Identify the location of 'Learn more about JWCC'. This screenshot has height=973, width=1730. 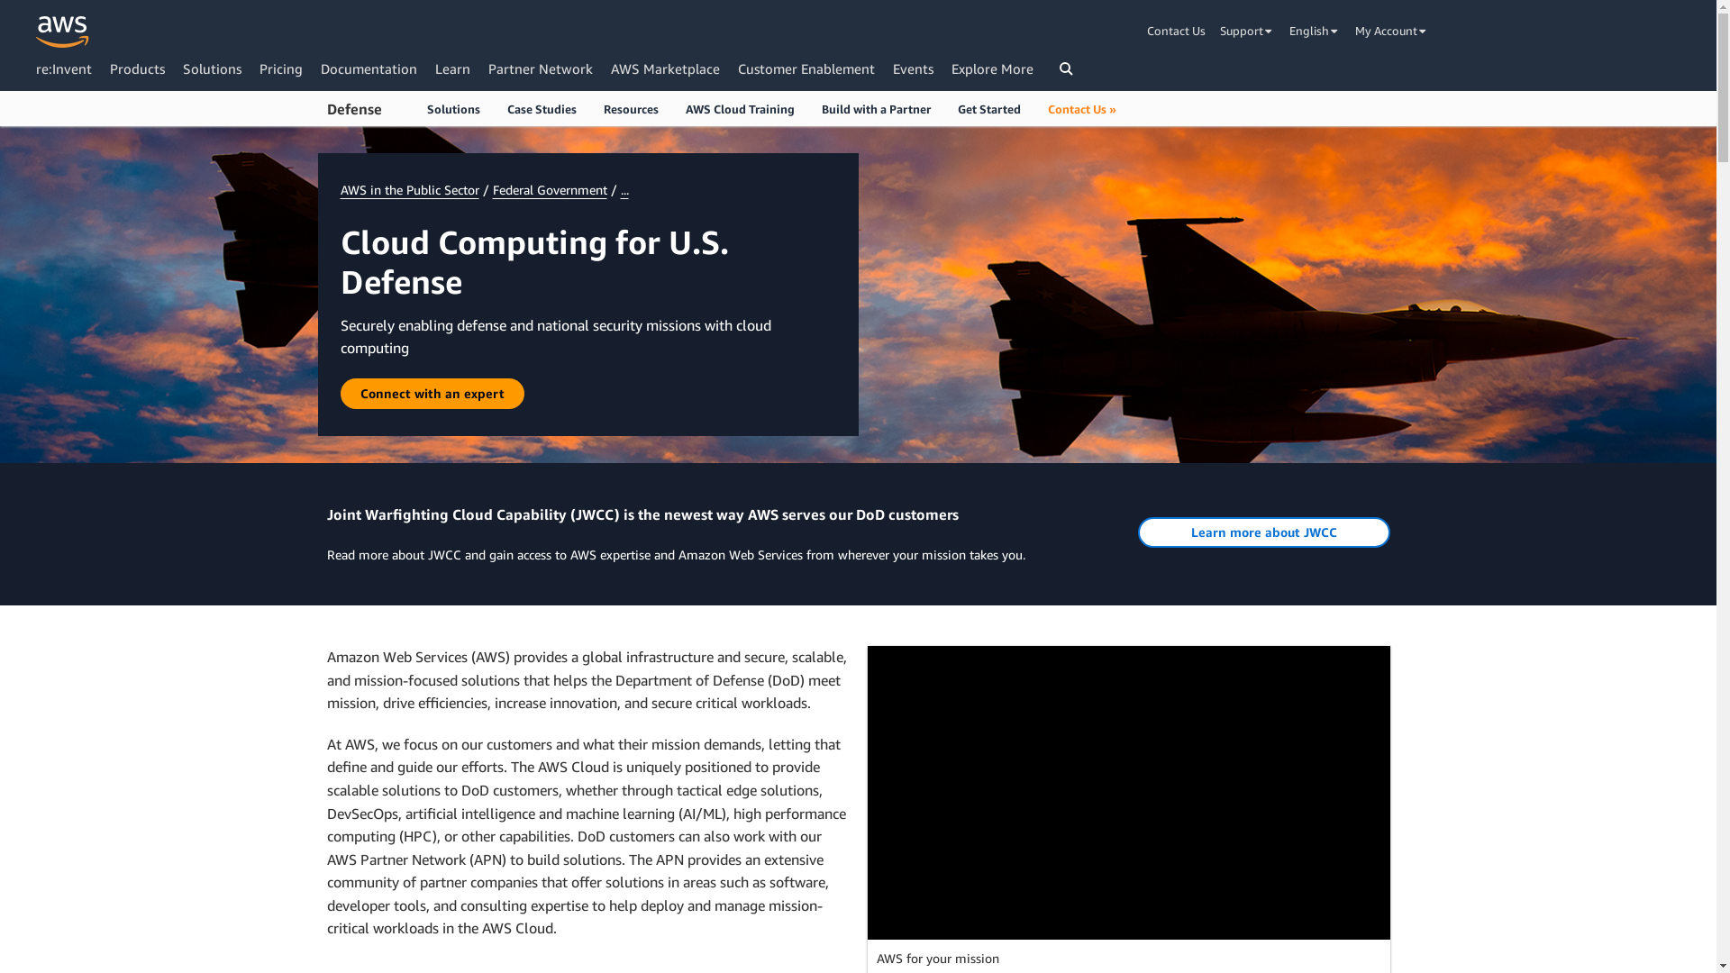
(1261, 531).